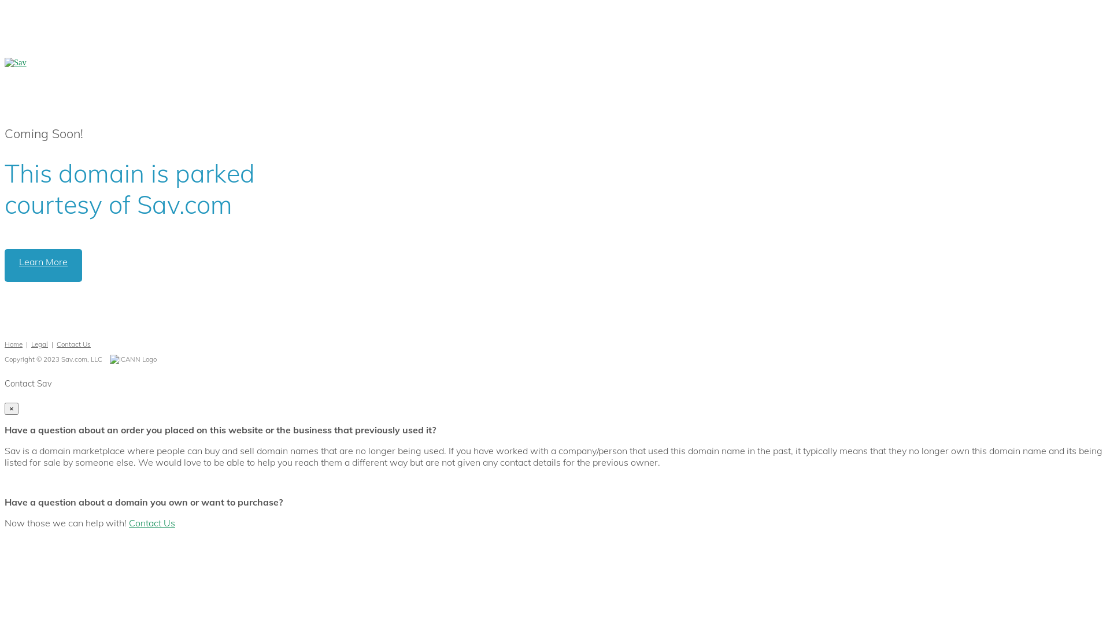 This screenshot has height=624, width=1110. Describe the element at coordinates (39, 343) in the screenshot. I see `'Legal'` at that location.